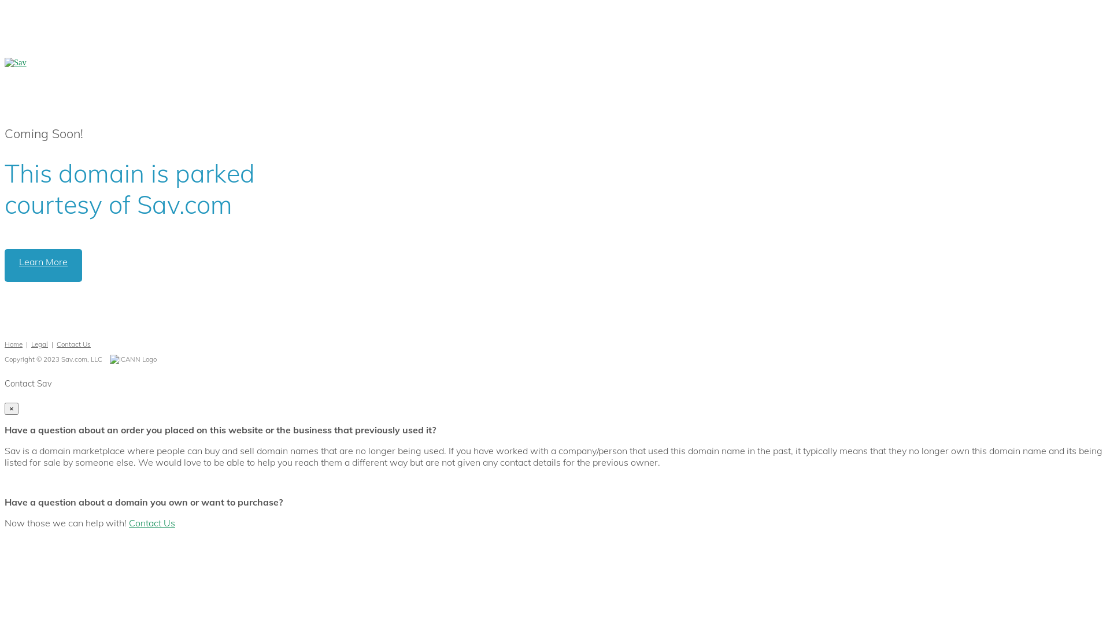 This screenshot has height=624, width=1110. Describe the element at coordinates (39, 343) in the screenshot. I see `'Legal'` at that location.